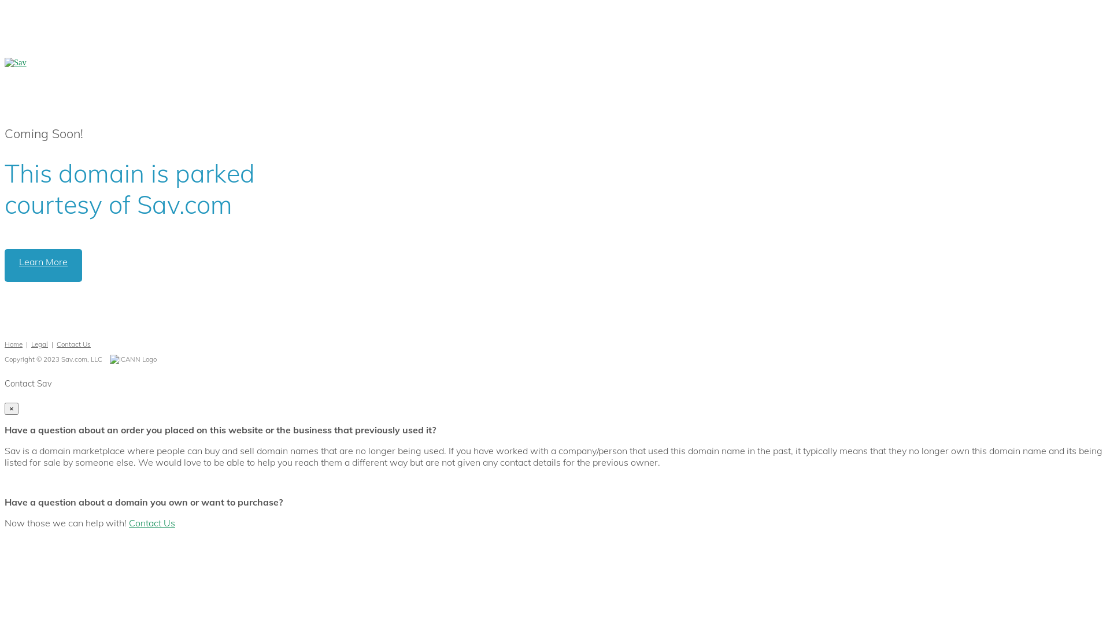 This screenshot has height=624, width=1110. Describe the element at coordinates (39, 343) in the screenshot. I see `'Legal'` at that location.